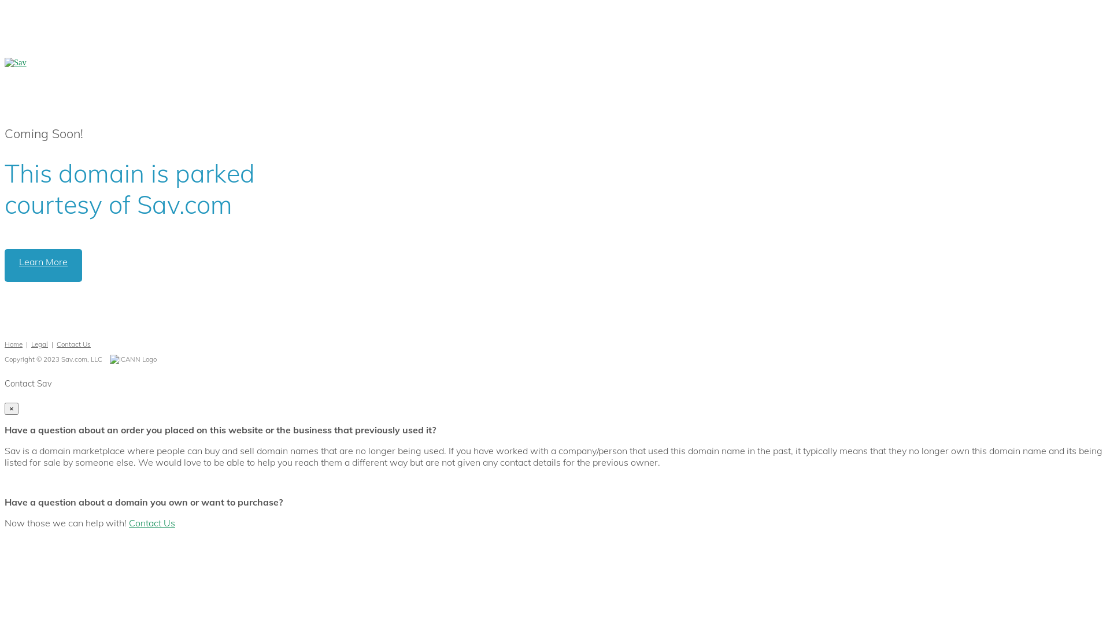 This screenshot has height=624, width=1110. Describe the element at coordinates (39, 343) in the screenshot. I see `'Legal'` at that location.